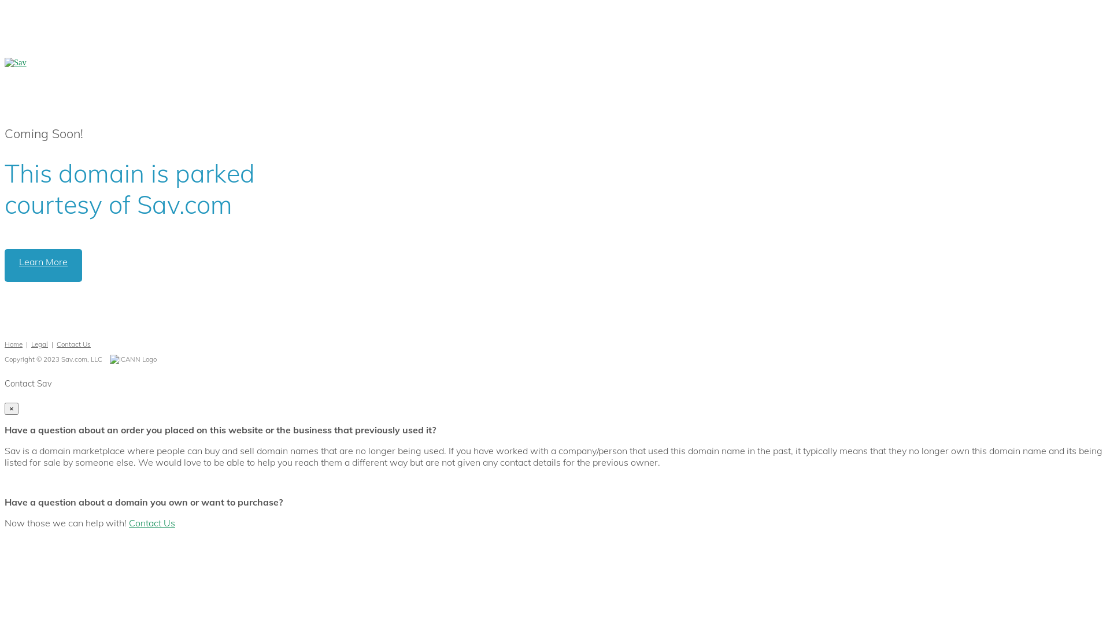 This screenshot has height=624, width=1110. Describe the element at coordinates (39, 343) in the screenshot. I see `'Legal'` at that location.